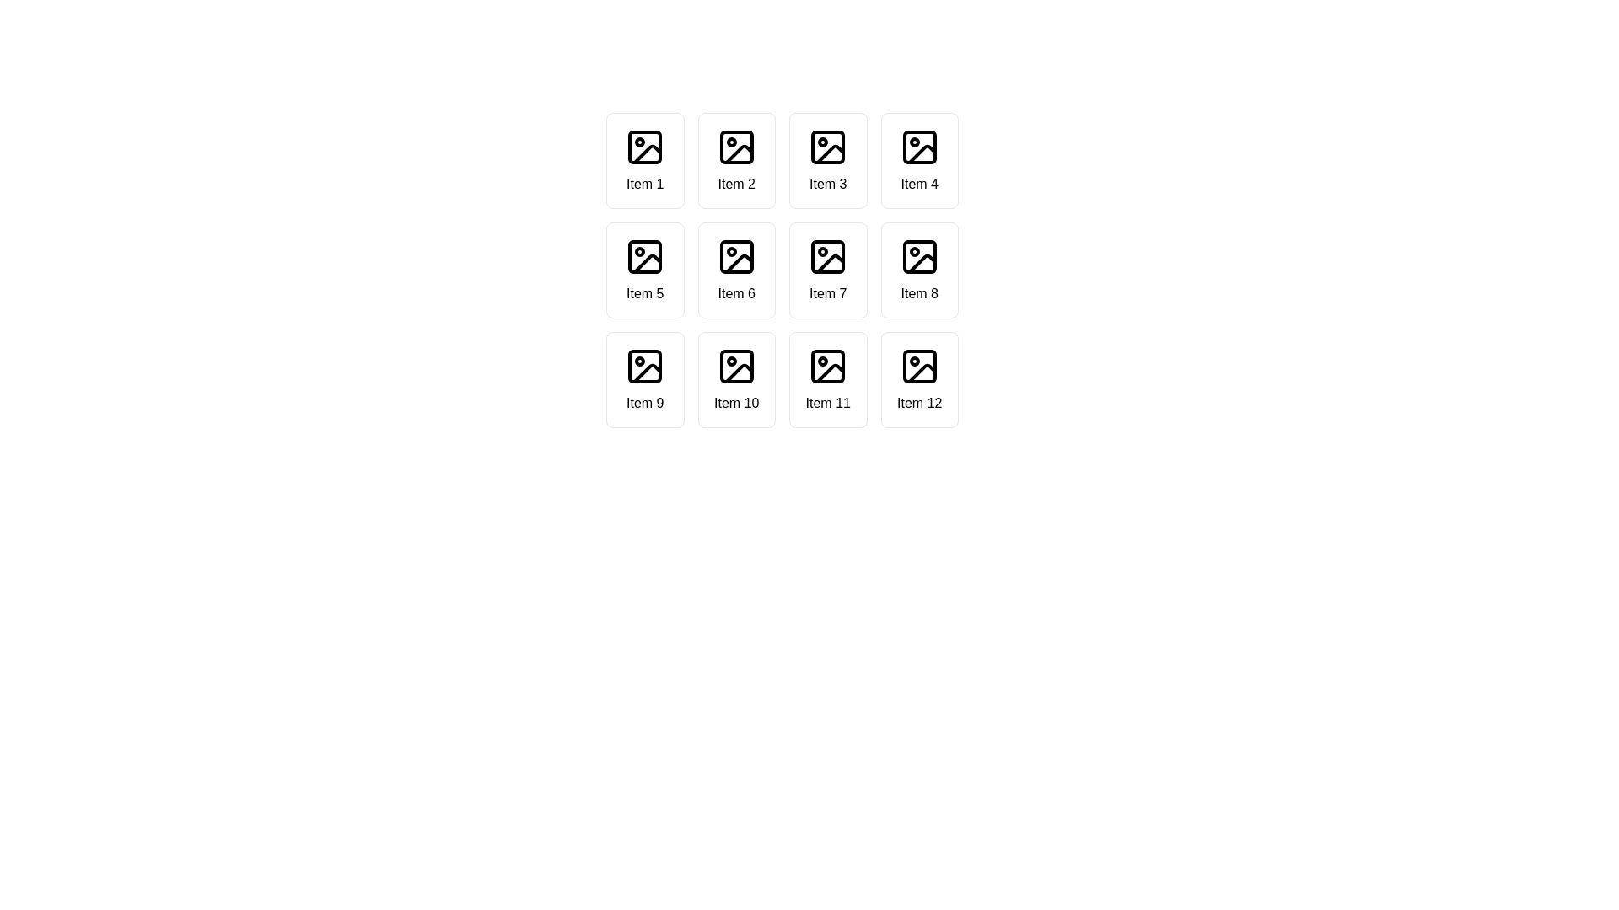 This screenshot has height=910, width=1619. What do you see at coordinates (918, 256) in the screenshot?
I see `the SVG graphic icon styled to resemble an image placeholder located in 'Item 8' in the second row and fourth column of the grid layout, centered above the text 'Item 8'` at bounding box center [918, 256].